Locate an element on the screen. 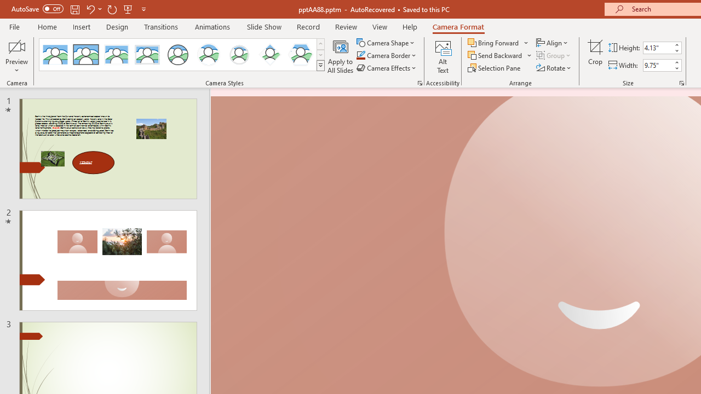 This screenshot has width=701, height=394. 'Rotate' is located at coordinates (554, 68).